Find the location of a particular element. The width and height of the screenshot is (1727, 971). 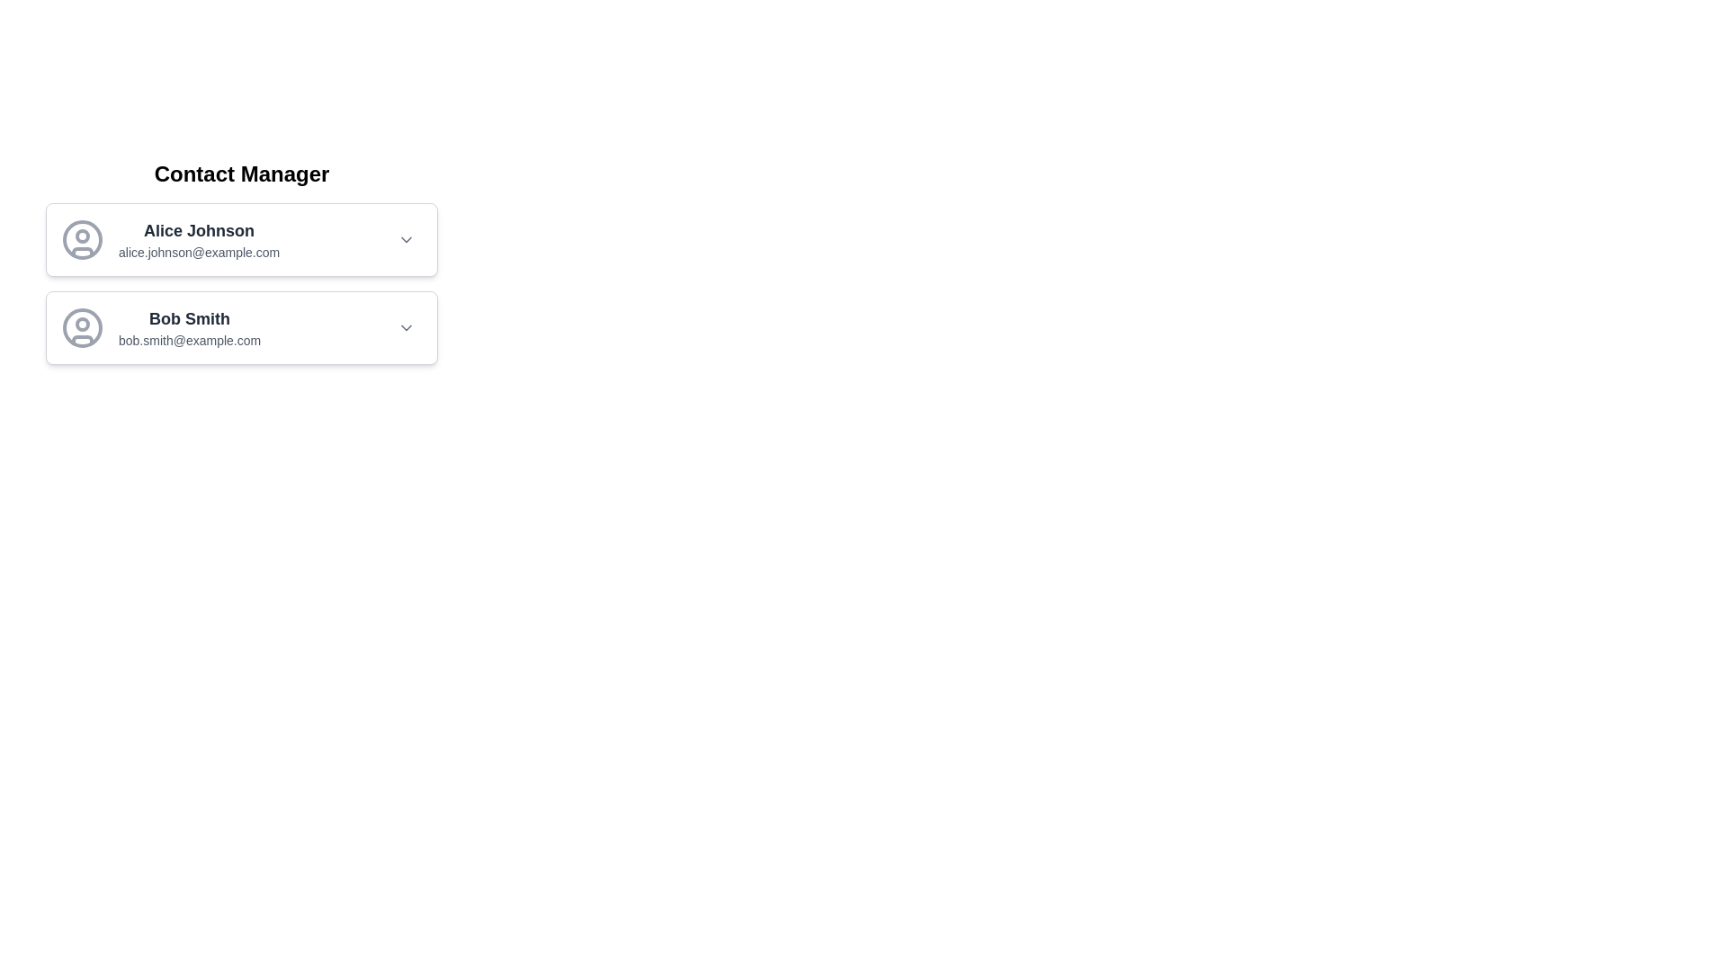

the small circular button with a downward-pointing chevron icon located in the lower right corner of the card displaying 'Bob Smith' is located at coordinates (405, 328).